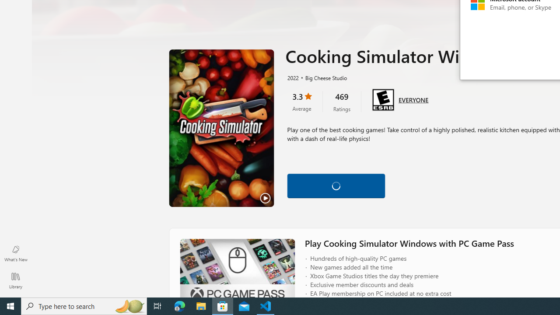 Image resolution: width=560 pixels, height=315 pixels. I want to click on 'Type here to search', so click(84, 305).